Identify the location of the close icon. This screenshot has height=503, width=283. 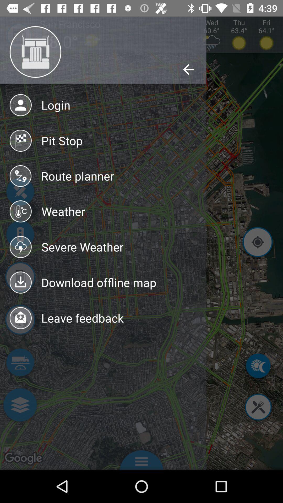
(258, 408).